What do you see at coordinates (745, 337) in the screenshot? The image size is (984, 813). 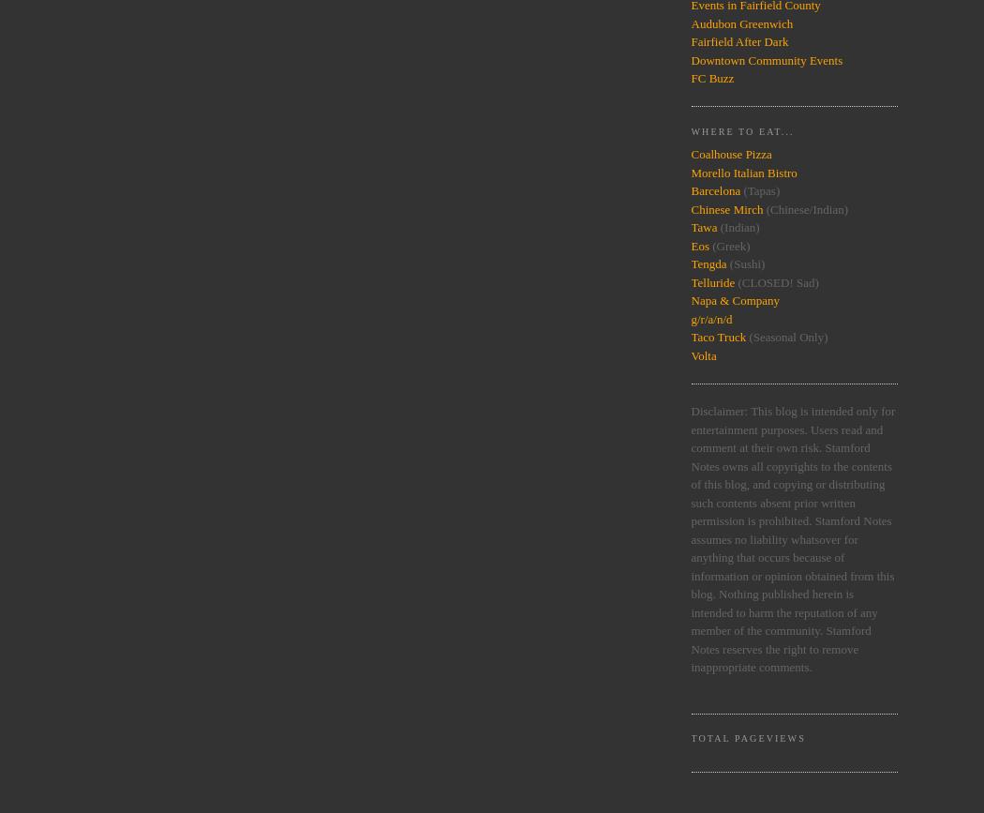 I see `'(Seasonal Only)'` at bounding box center [745, 337].